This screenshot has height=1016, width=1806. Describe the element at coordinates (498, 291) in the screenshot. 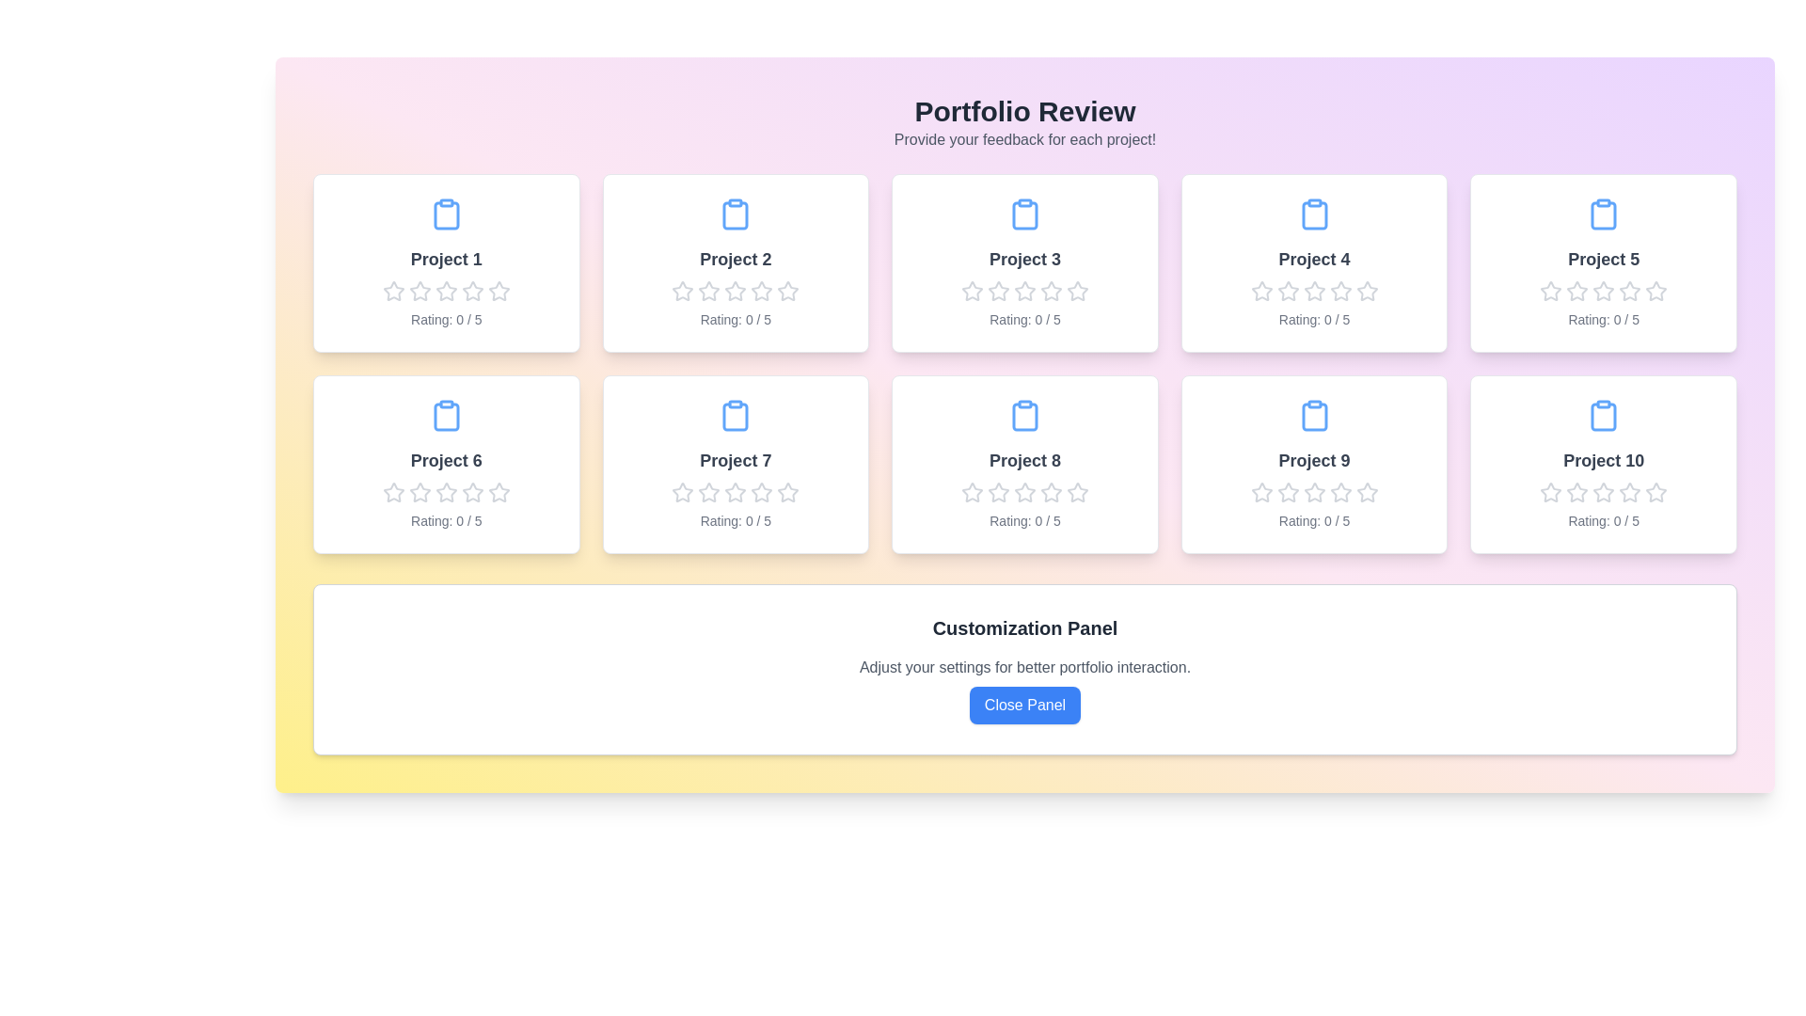

I see `the rating of a project to 5 stars by clicking on the corresponding star` at that location.